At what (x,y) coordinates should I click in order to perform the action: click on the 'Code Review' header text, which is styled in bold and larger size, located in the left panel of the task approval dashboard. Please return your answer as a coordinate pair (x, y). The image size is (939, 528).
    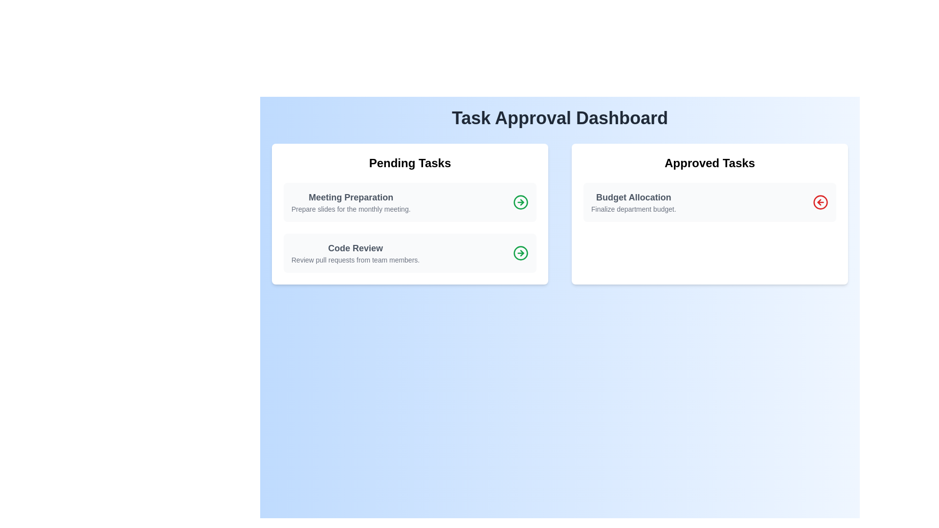
    Looking at the image, I should click on (355, 248).